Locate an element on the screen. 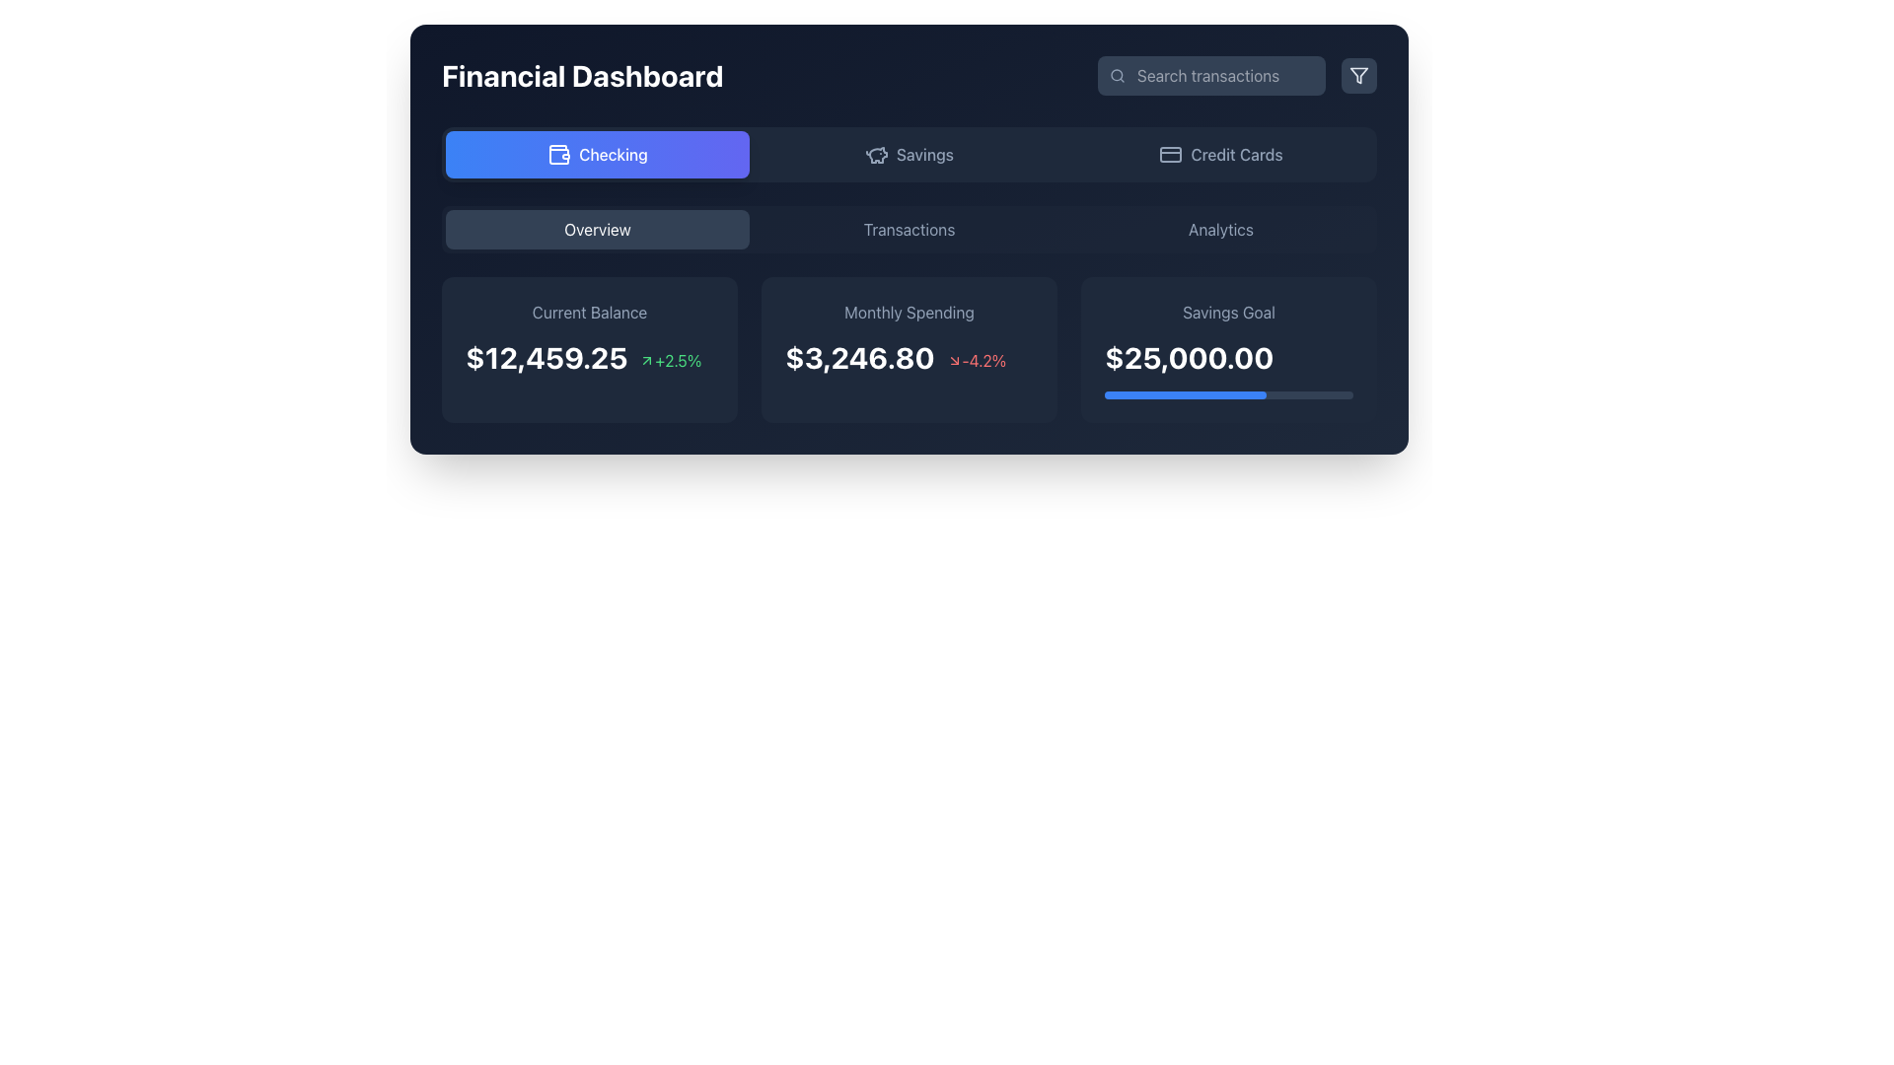 The width and height of the screenshot is (1894, 1065). the Text label that provides context to the user's current financial balance located in the 'Checking' tab interface, specifically inside the leftmost card, positioned at the top of the card above the monetary value '$12,459.25' is located at coordinates (589, 311).